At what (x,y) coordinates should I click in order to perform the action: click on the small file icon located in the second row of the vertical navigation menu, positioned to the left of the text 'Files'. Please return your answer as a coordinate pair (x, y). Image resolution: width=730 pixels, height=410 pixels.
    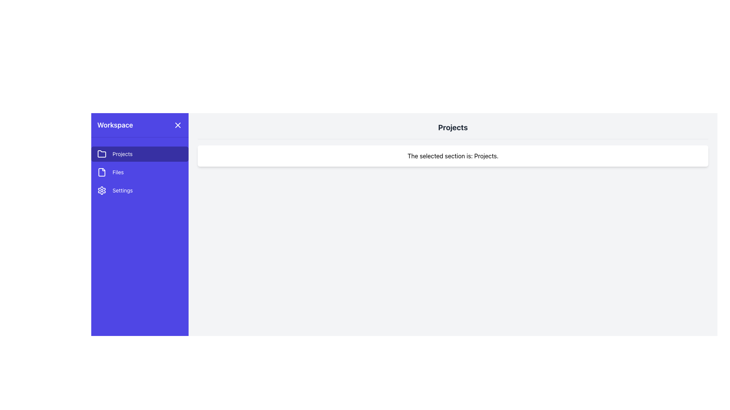
    Looking at the image, I should click on (102, 172).